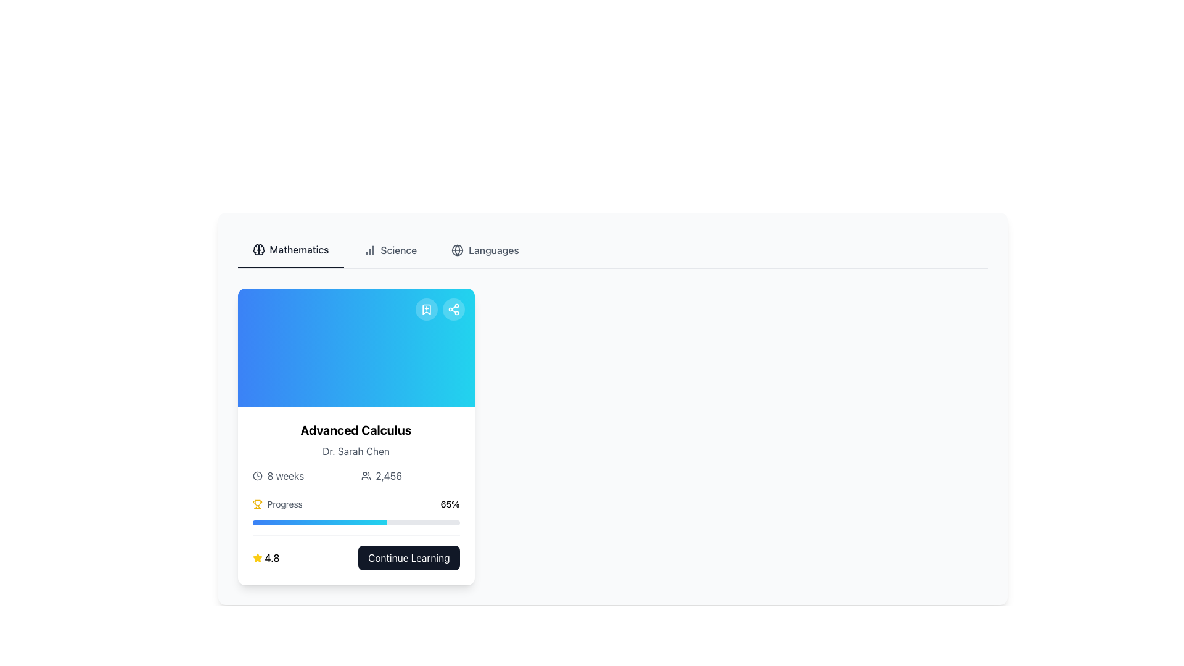 Image resolution: width=1184 pixels, height=666 pixels. I want to click on the educational course overview card element located at the first position in the grid, so click(355, 436).